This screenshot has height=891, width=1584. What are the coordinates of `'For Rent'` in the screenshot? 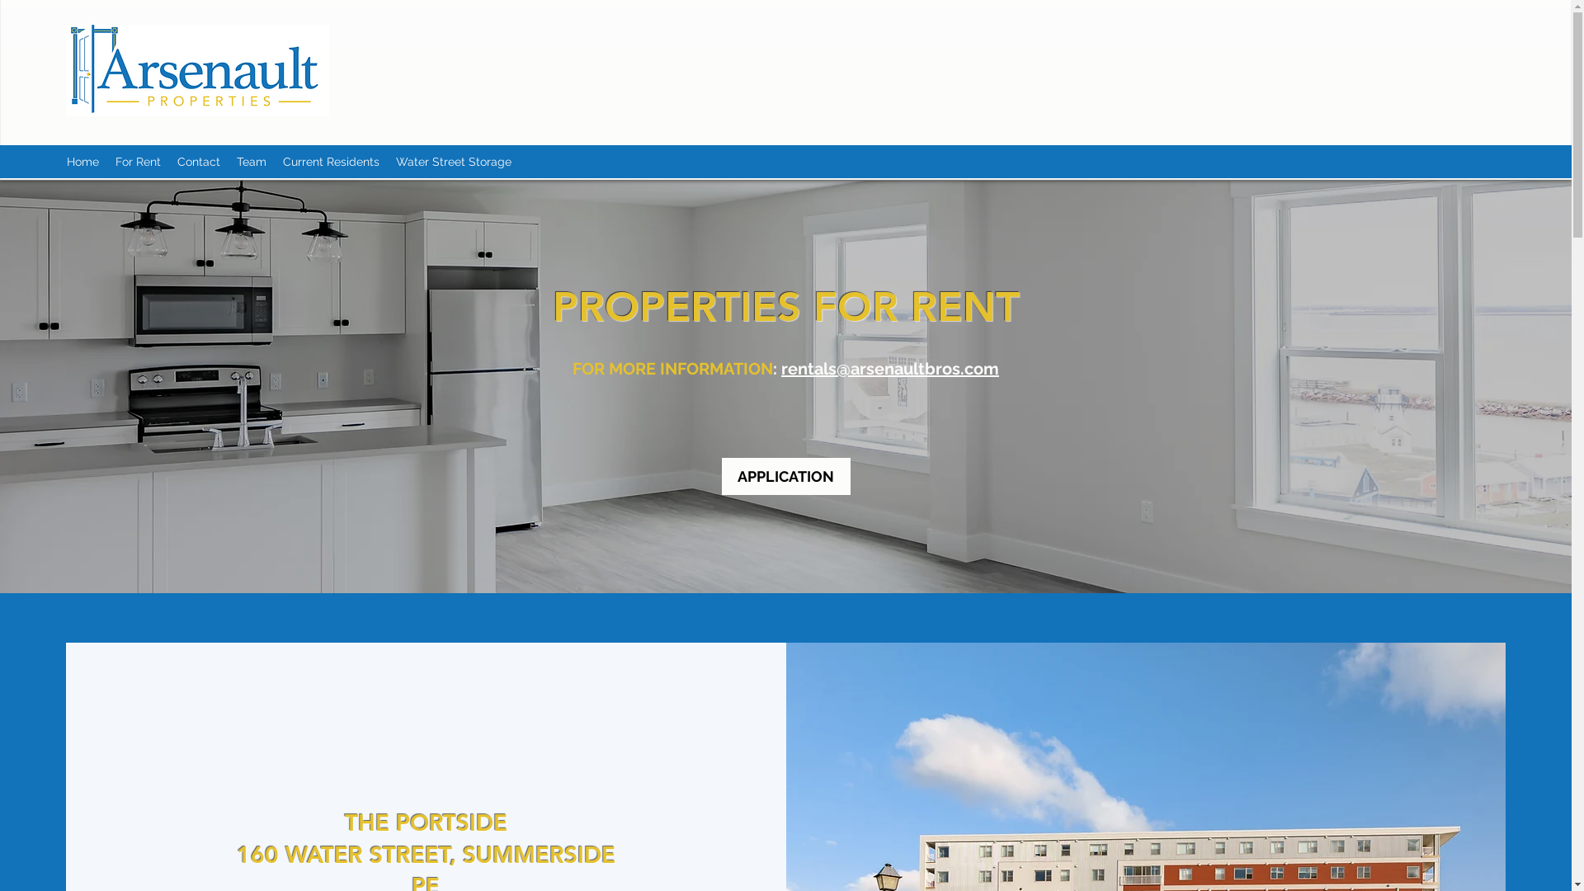 It's located at (106, 162).